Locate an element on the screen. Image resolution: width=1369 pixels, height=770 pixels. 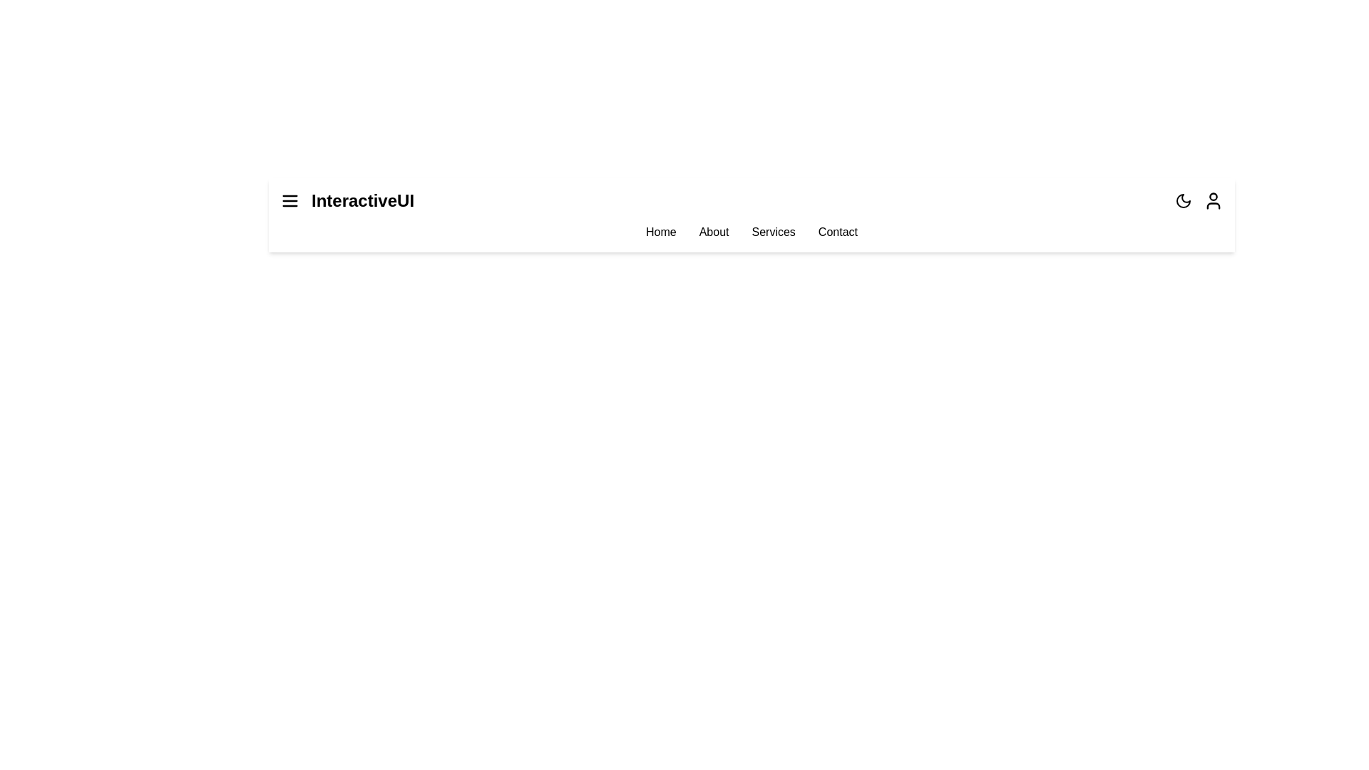
the menu item Home to navigate to the respective section is located at coordinates (660, 232).